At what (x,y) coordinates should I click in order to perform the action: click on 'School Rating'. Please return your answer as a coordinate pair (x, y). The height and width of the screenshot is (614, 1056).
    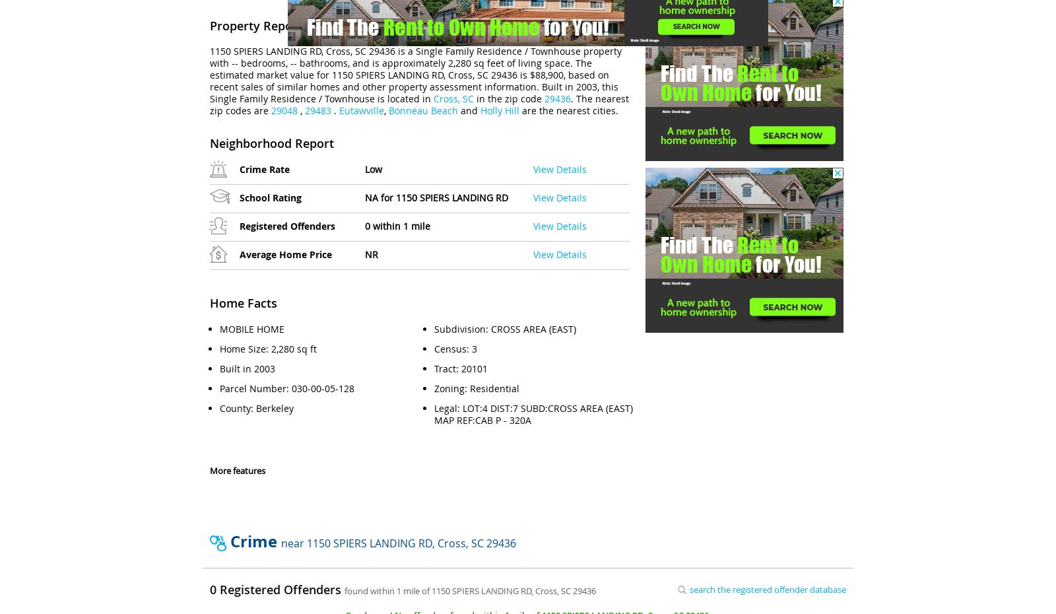
    Looking at the image, I should click on (269, 197).